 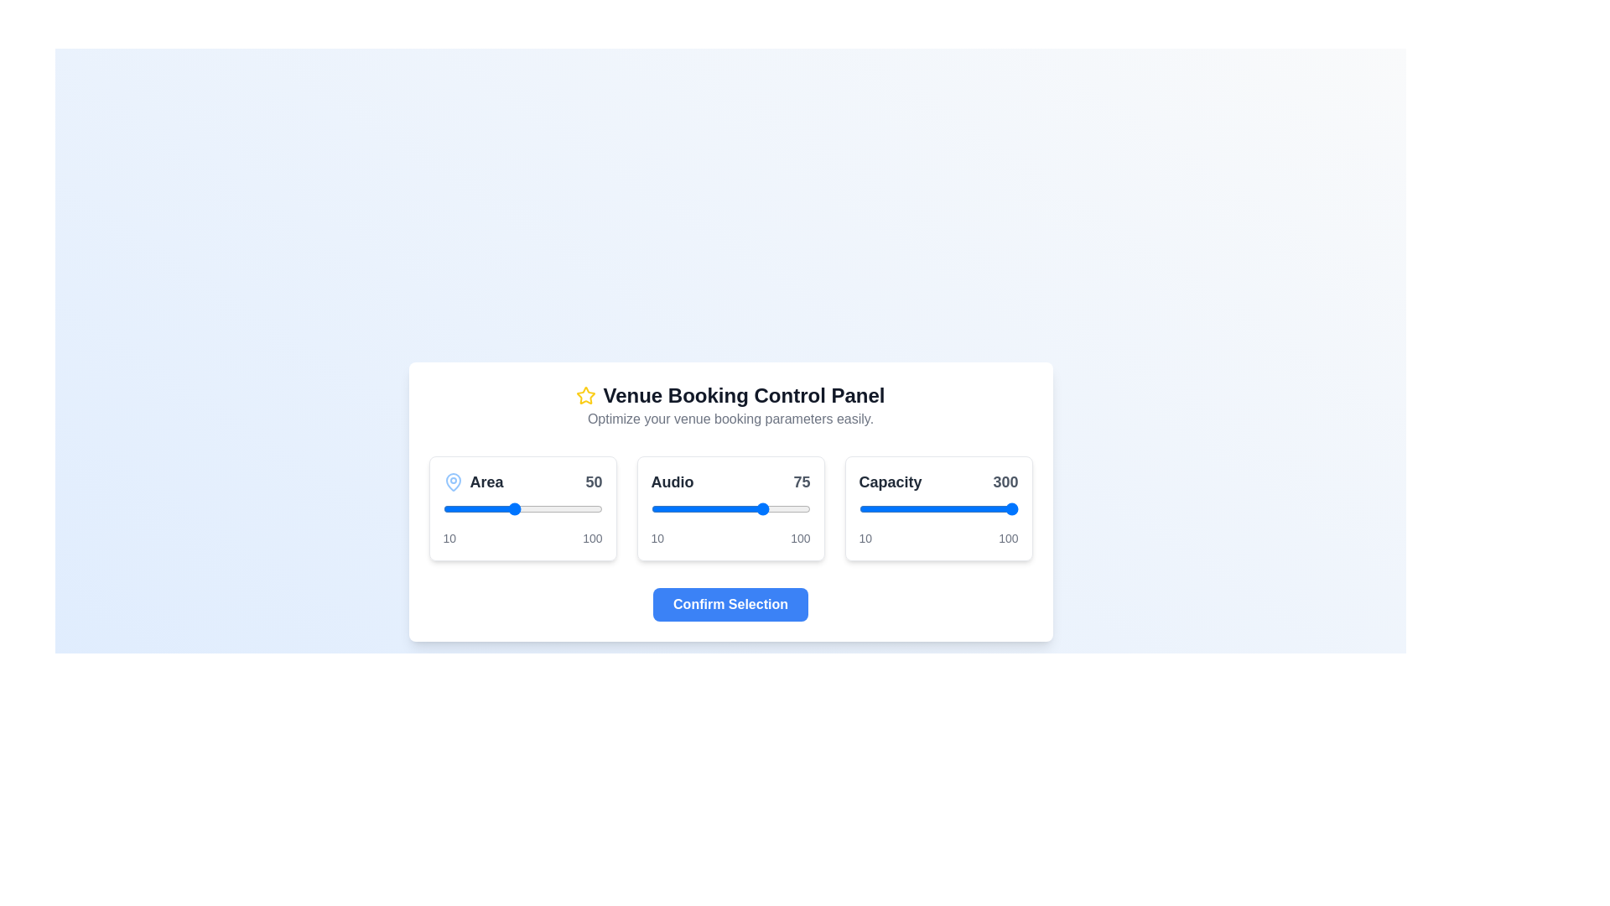 I want to click on the static text label displaying '100', which is located at the far-right end of the 'Area' slider group beneath the slider track, so click(x=592, y=538).